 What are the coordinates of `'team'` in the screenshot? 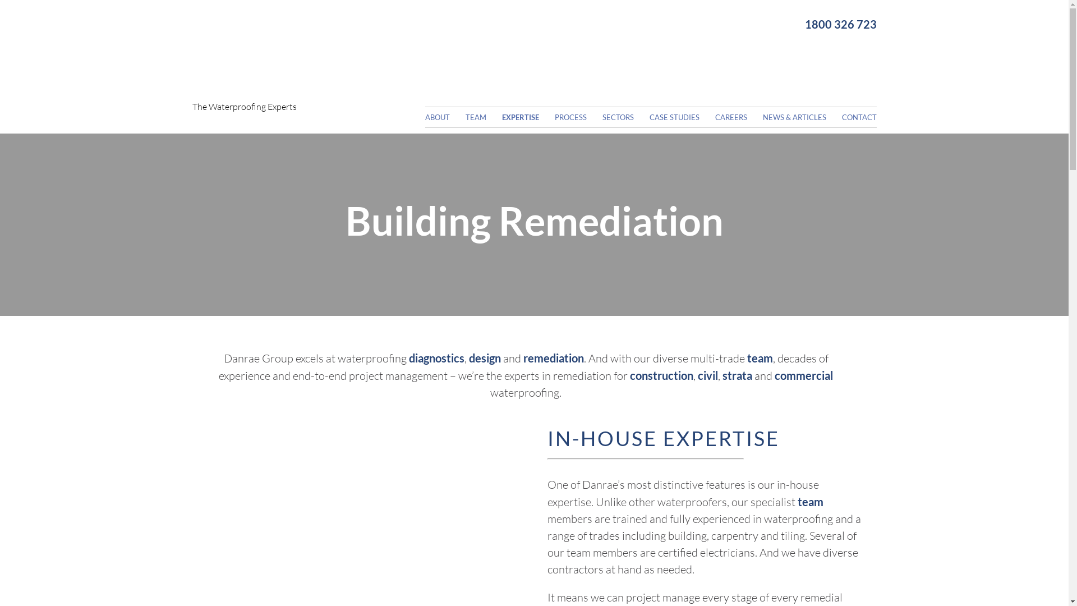 It's located at (760, 357).